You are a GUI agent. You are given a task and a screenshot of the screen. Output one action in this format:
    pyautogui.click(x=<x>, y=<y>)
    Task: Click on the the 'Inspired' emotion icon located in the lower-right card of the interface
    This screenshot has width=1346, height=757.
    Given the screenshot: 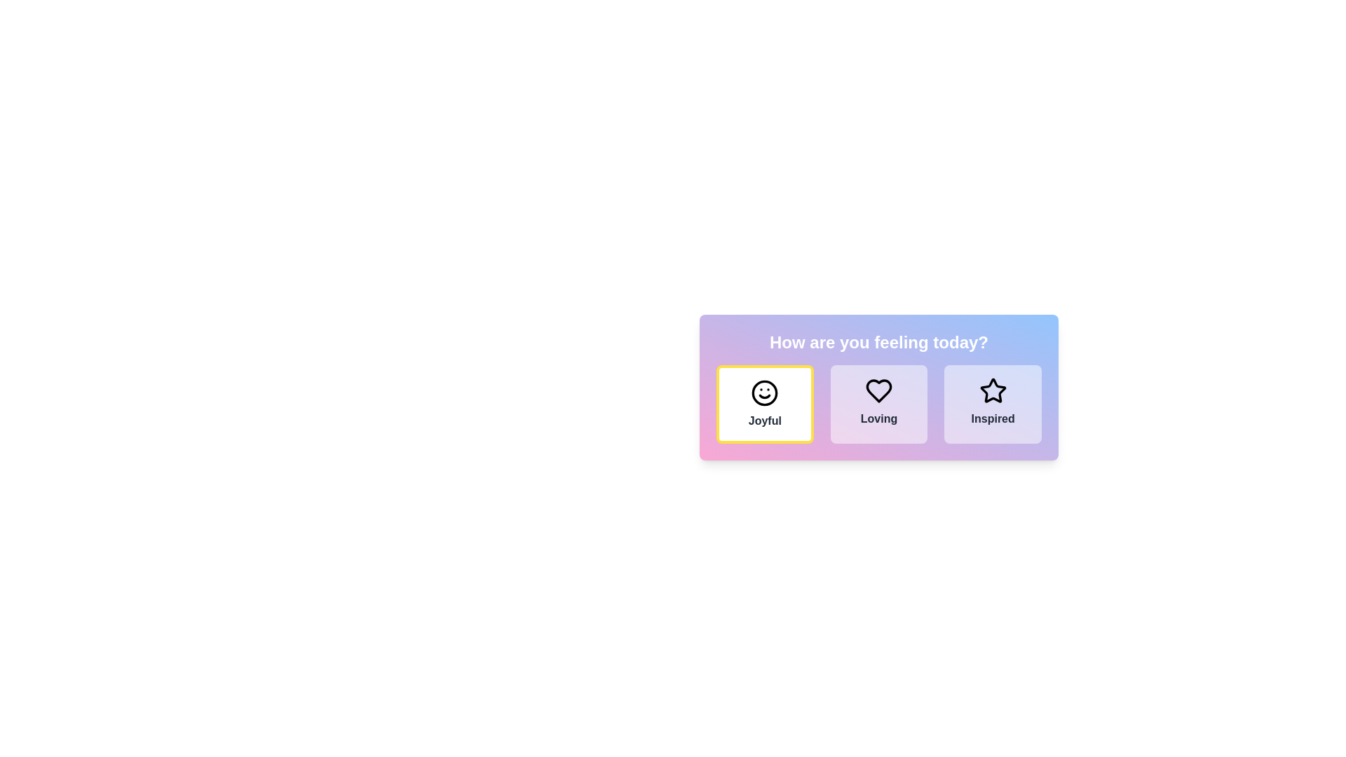 What is the action you would take?
    pyautogui.click(x=992, y=390)
    